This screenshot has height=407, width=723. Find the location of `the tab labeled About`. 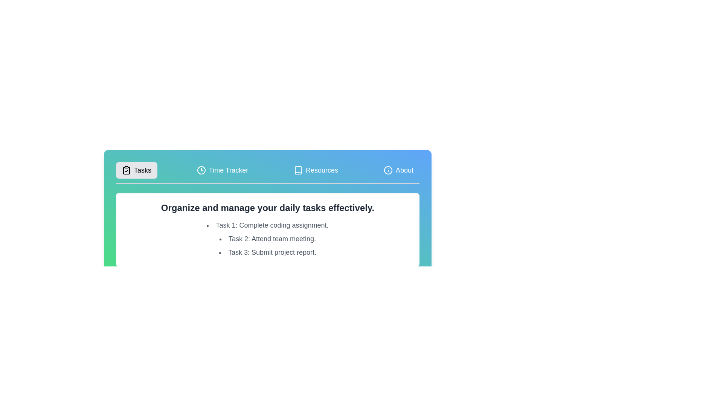

the tab labeled About is located at coordinates (398, 170).